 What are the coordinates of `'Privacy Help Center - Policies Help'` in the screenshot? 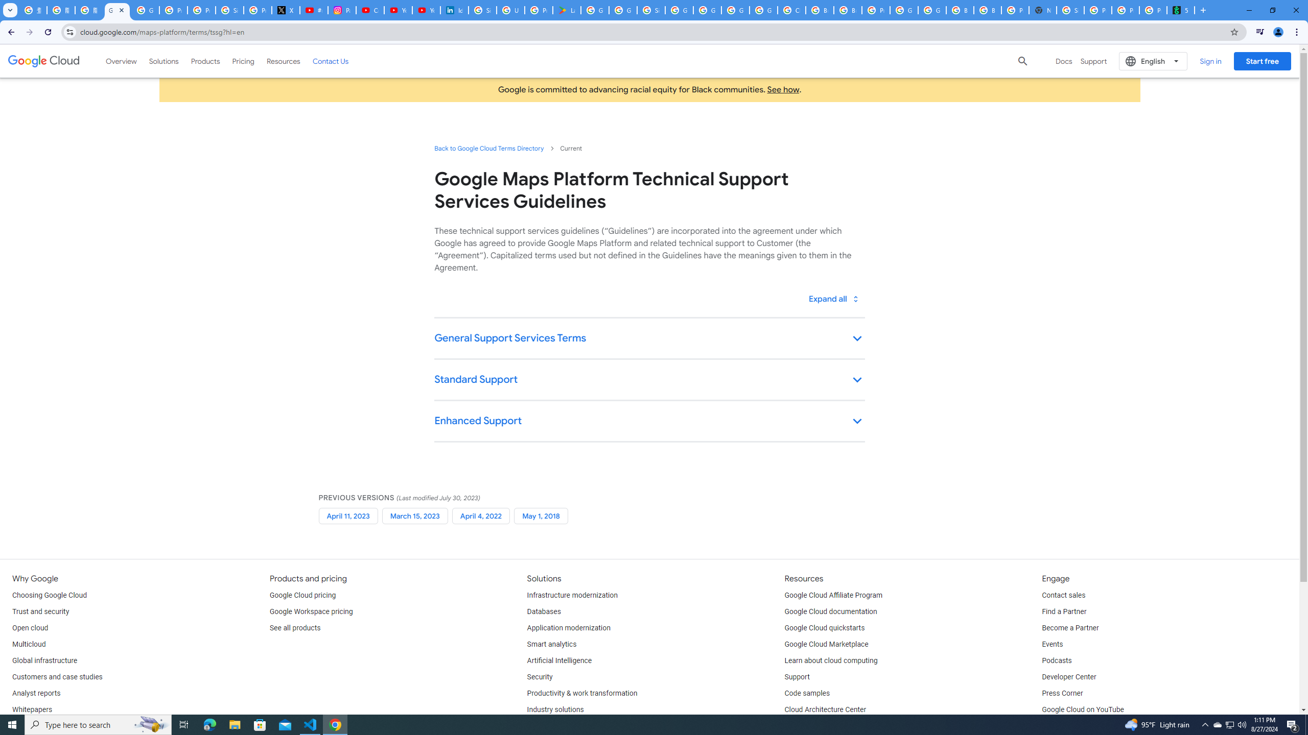 It's located at (201, 10).